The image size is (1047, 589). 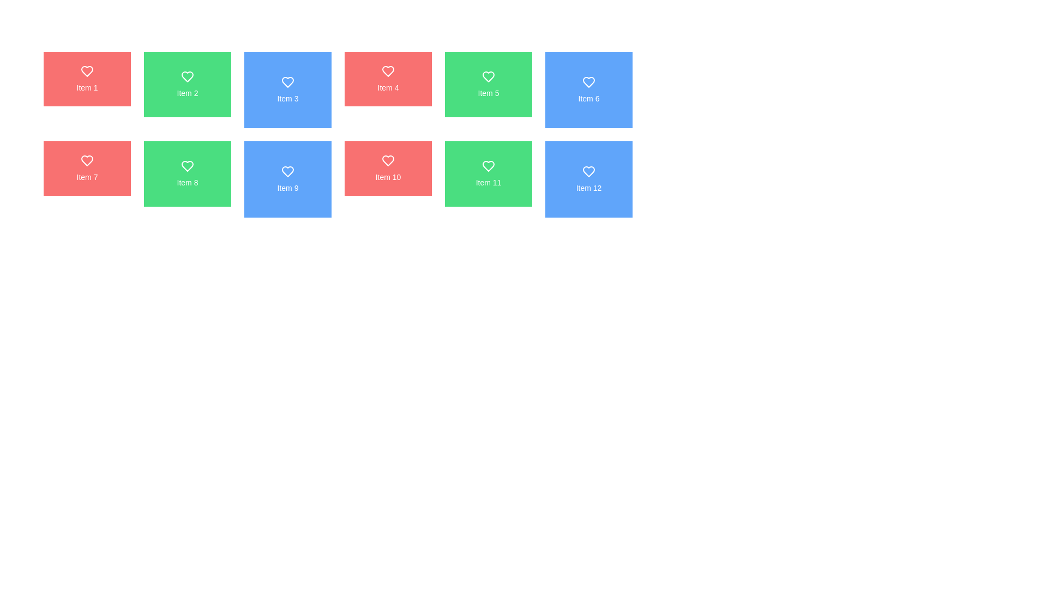 What do you see at coordinates (388, 87) in the screenshot?
I see `the text label that represents 'Item 4', located at the bottom of the fourth box in a grid layout, which is red and surrounded by blue and green boxes` at bounding box center [388, 87].